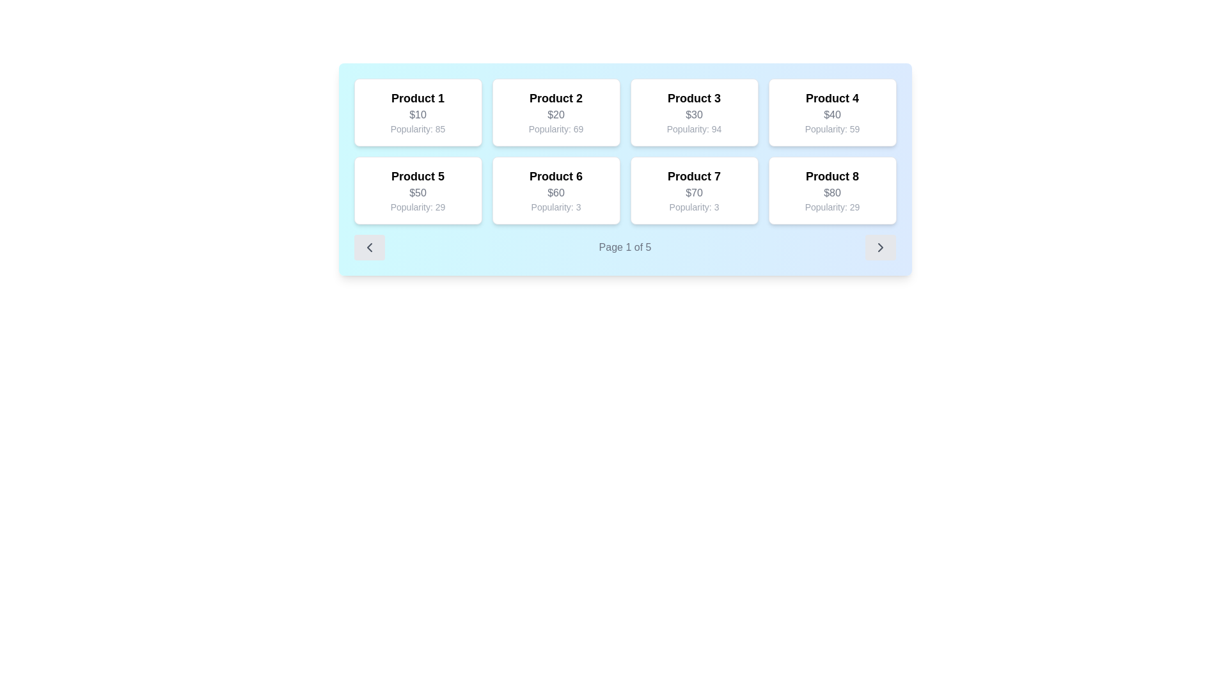 The width and height of the screenshot is (1228, 691). I want to click on text displayed in the text component showing the amount '$60', which is located below the title 'Product 6', so click(556, 193).